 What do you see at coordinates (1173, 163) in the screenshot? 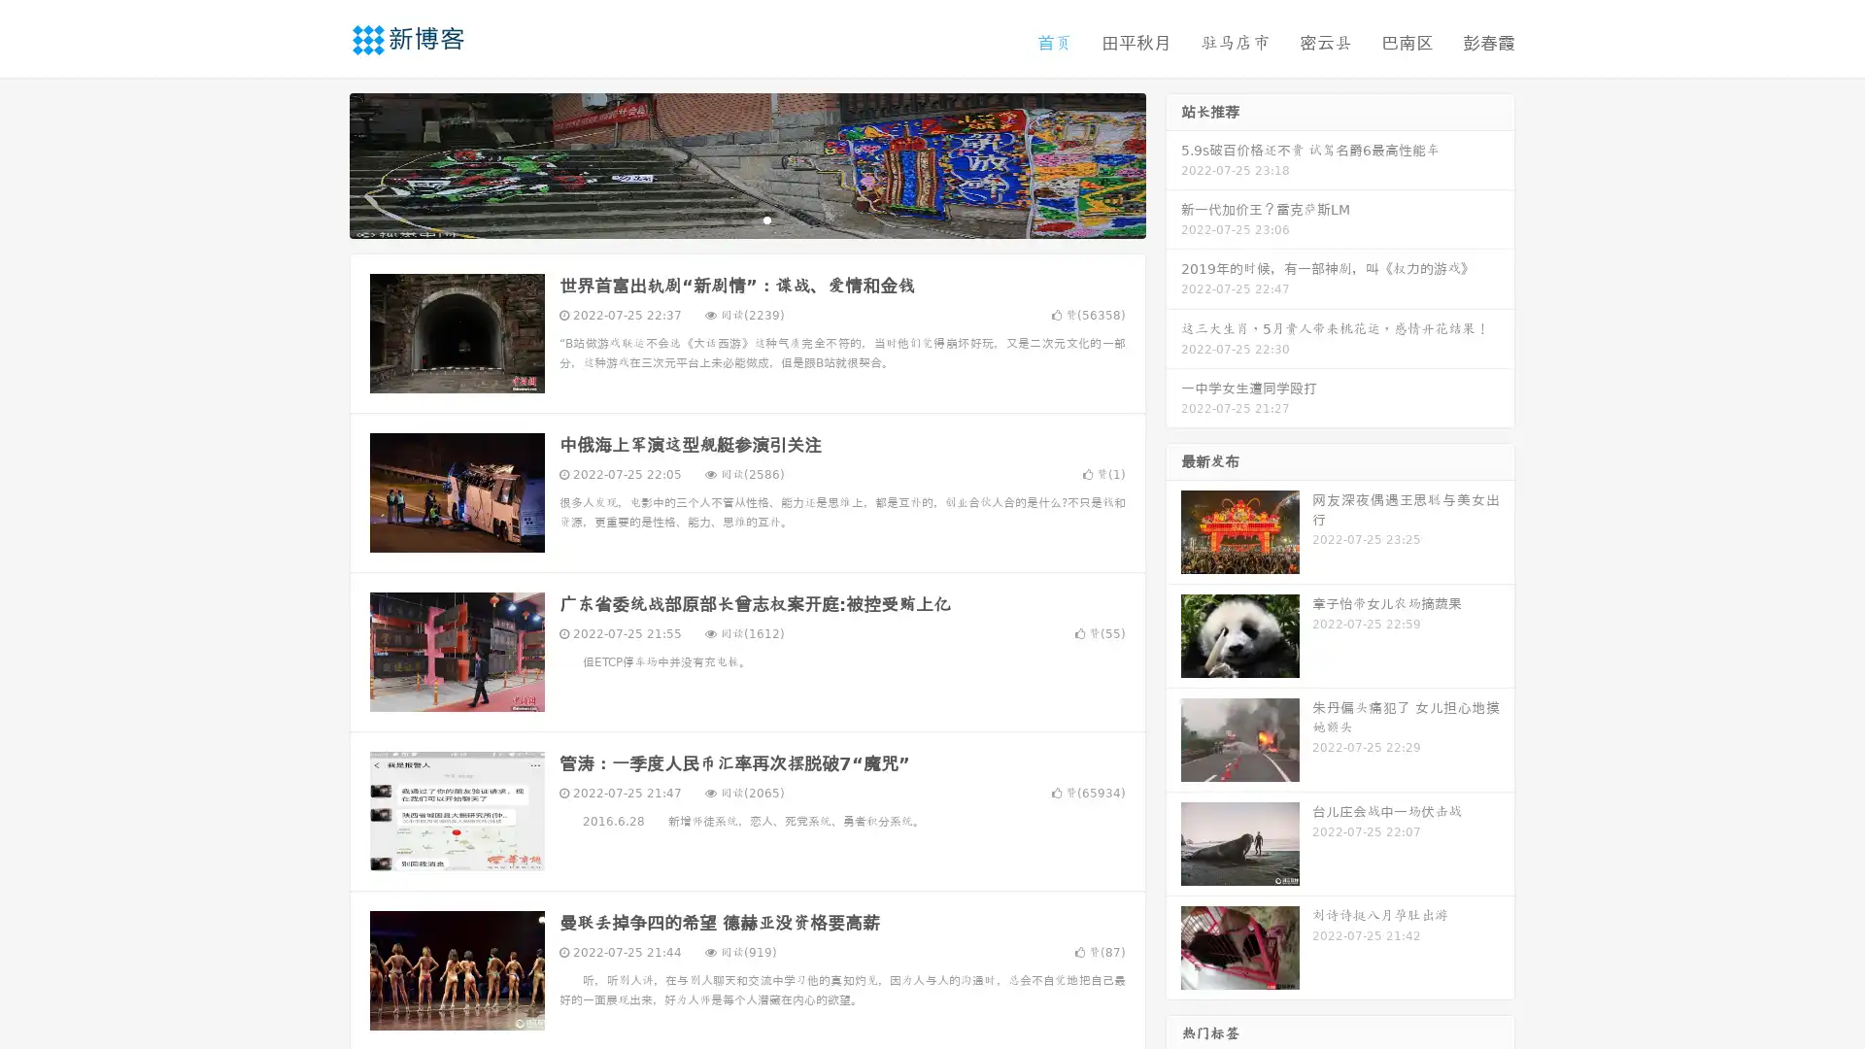
I see `Next slide` at bounding box center [1173, 163].